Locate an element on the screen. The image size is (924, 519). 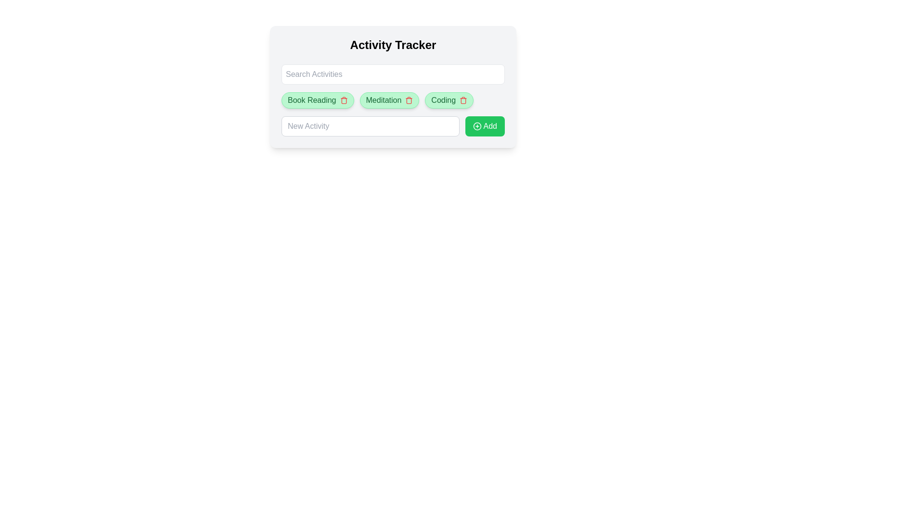
the circular plus icon within the 'Add' button, which indicates the addition functionality is located at coordinates (477, 125).